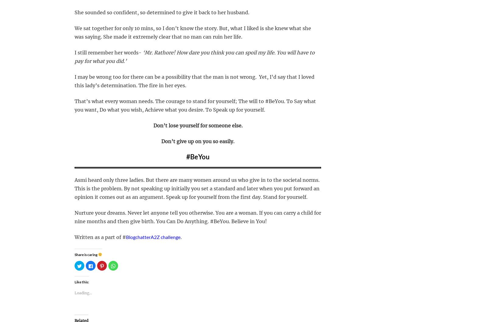  I want to click on 'She sounded so confident, so determined to give it back to her husband.', so click(162, 12).